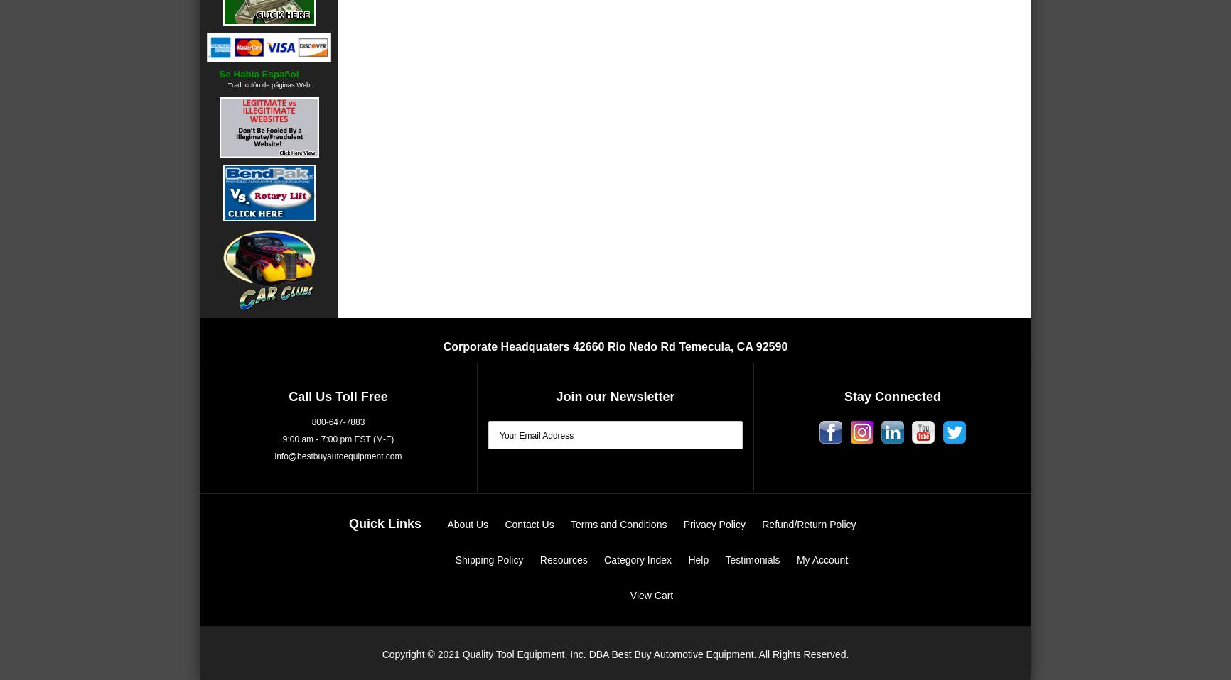 This screenshot has height=680, width=1231. Describe the element at coordinates (821, 559) in the screenshot. I see `'My Account'` at that location.